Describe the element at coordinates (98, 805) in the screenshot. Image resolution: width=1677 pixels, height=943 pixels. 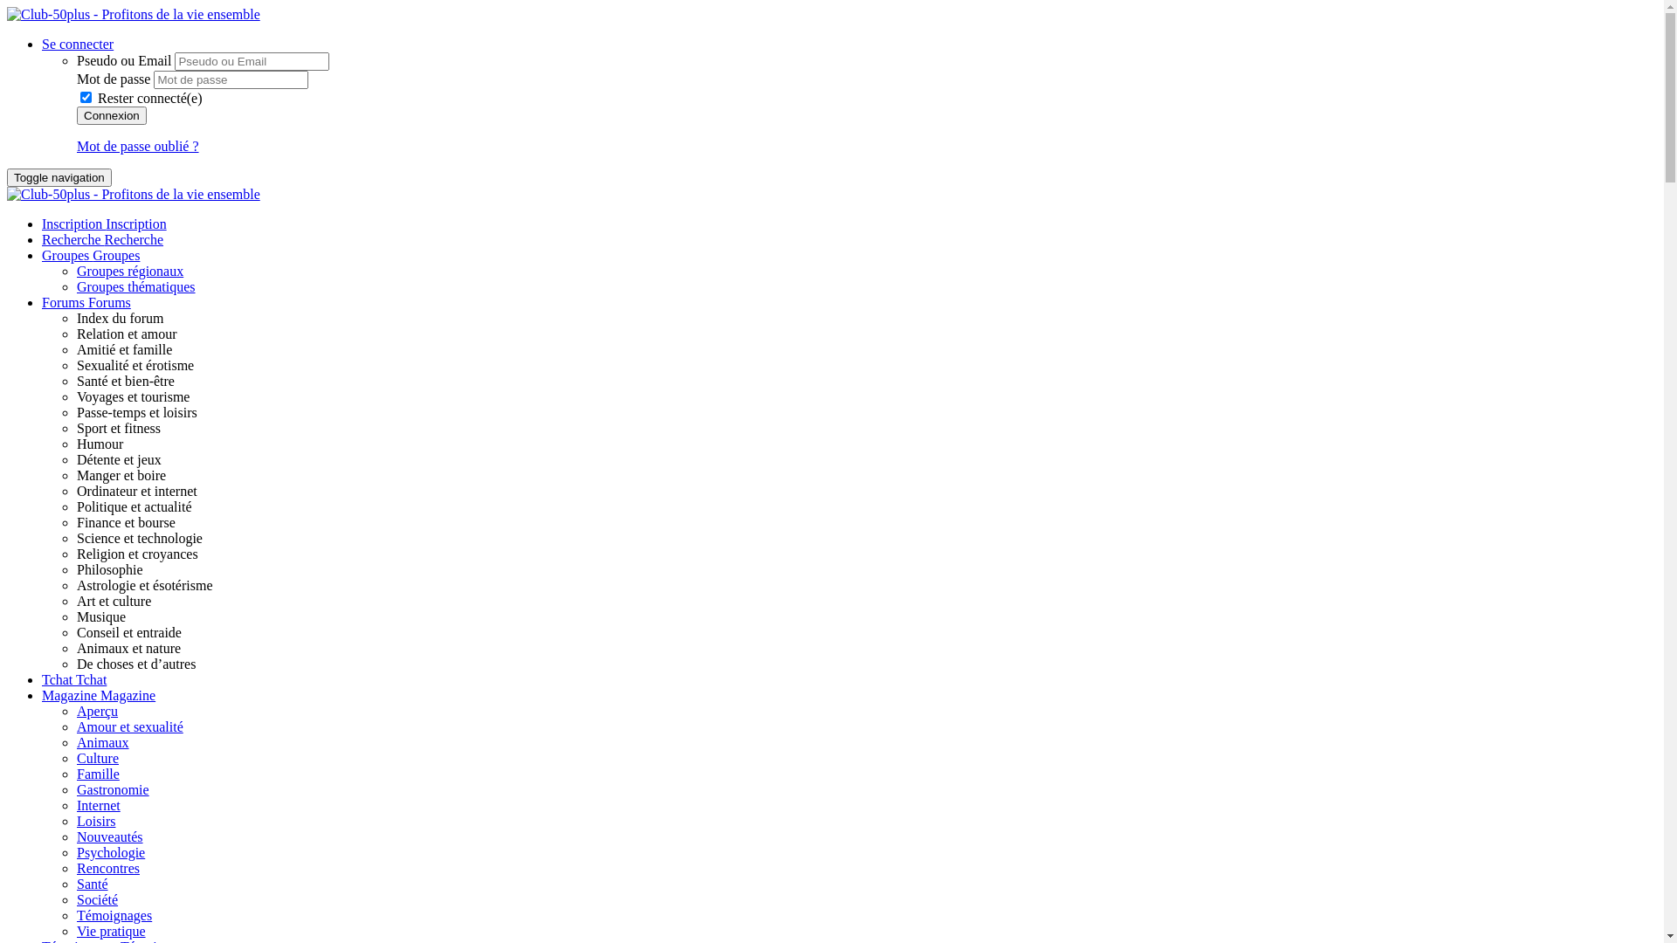
I see `'Internet'` at that location.